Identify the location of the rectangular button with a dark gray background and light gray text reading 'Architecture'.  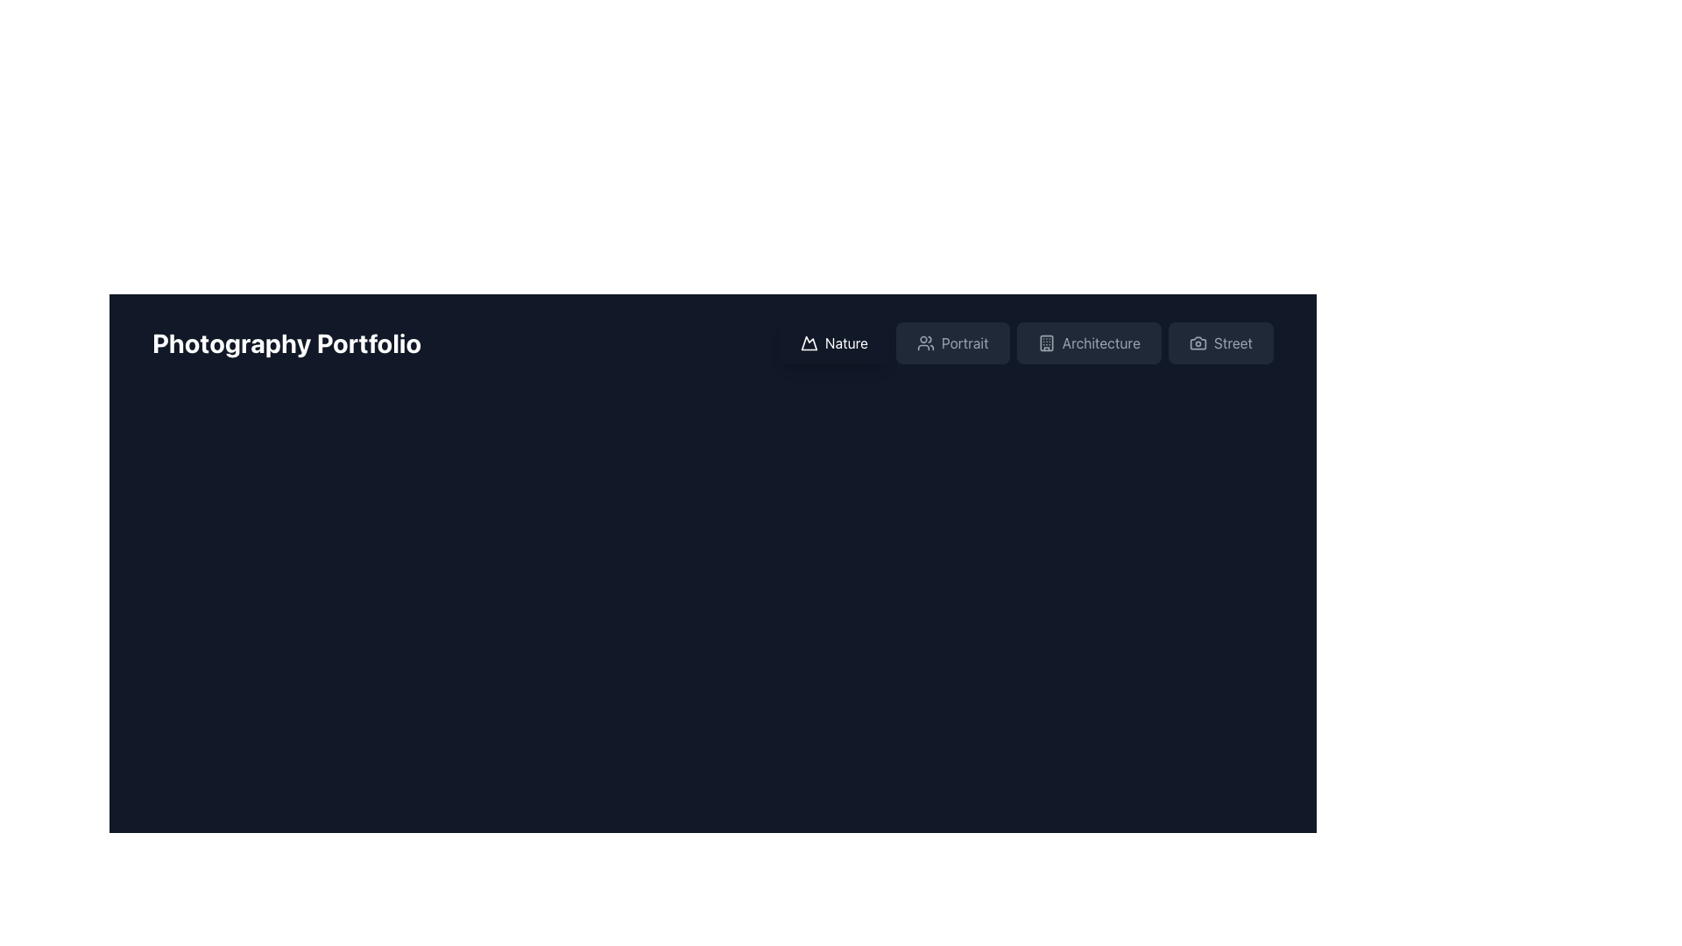
(1088, 343).